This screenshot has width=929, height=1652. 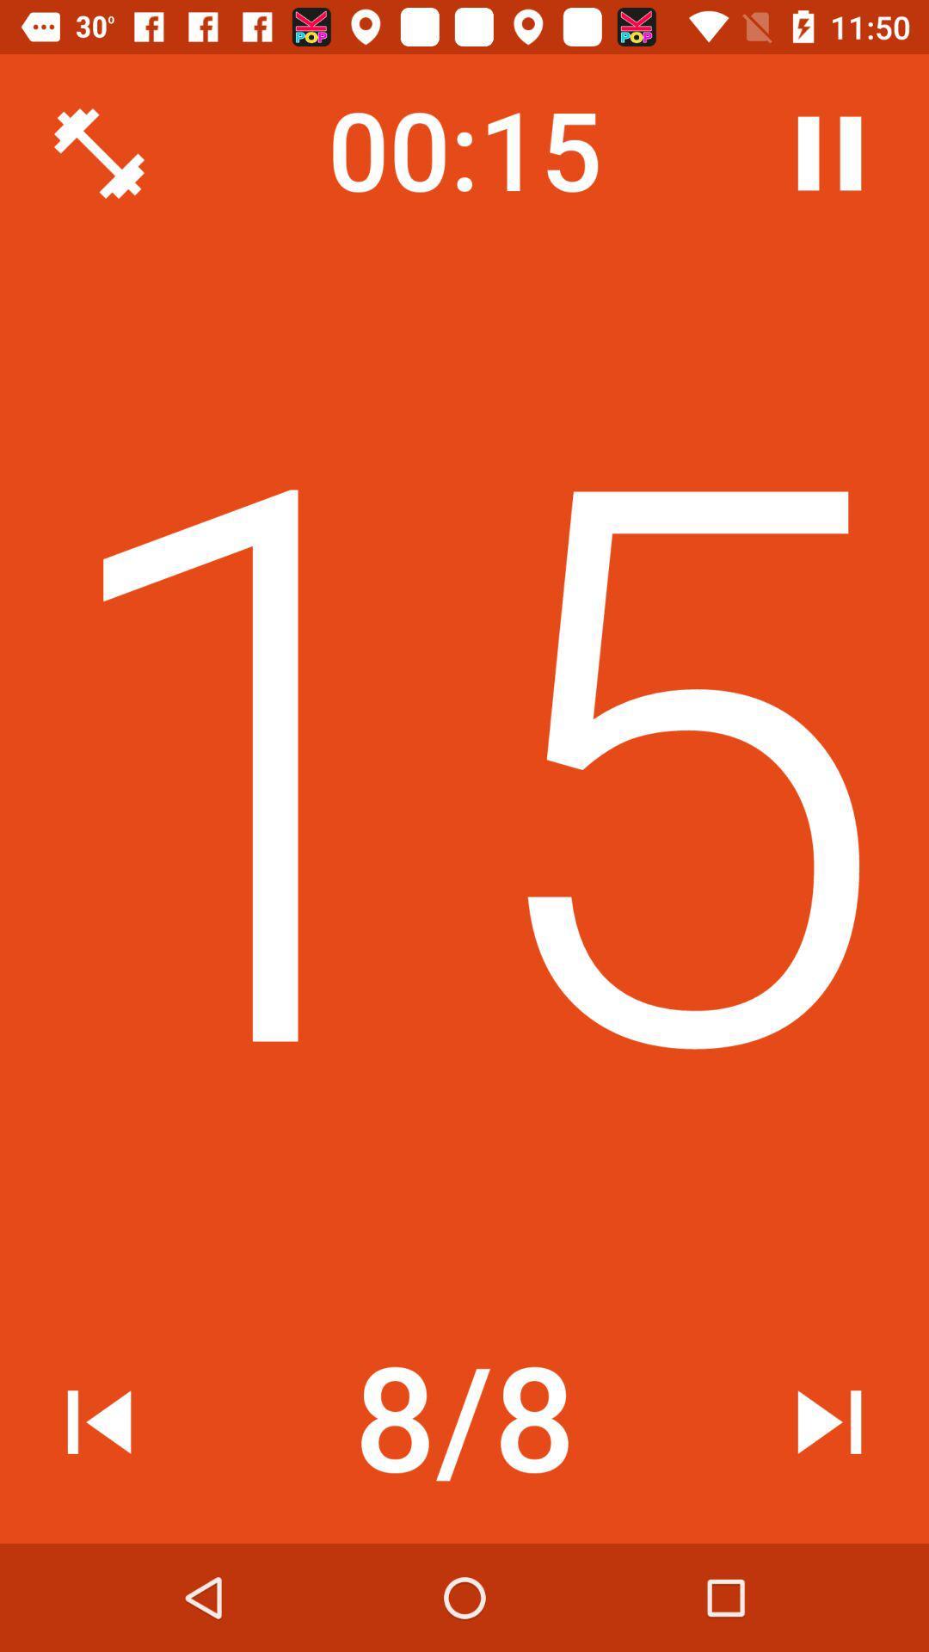 I want to click on the icon next to 00:14 item, so click(x=99, y=153).